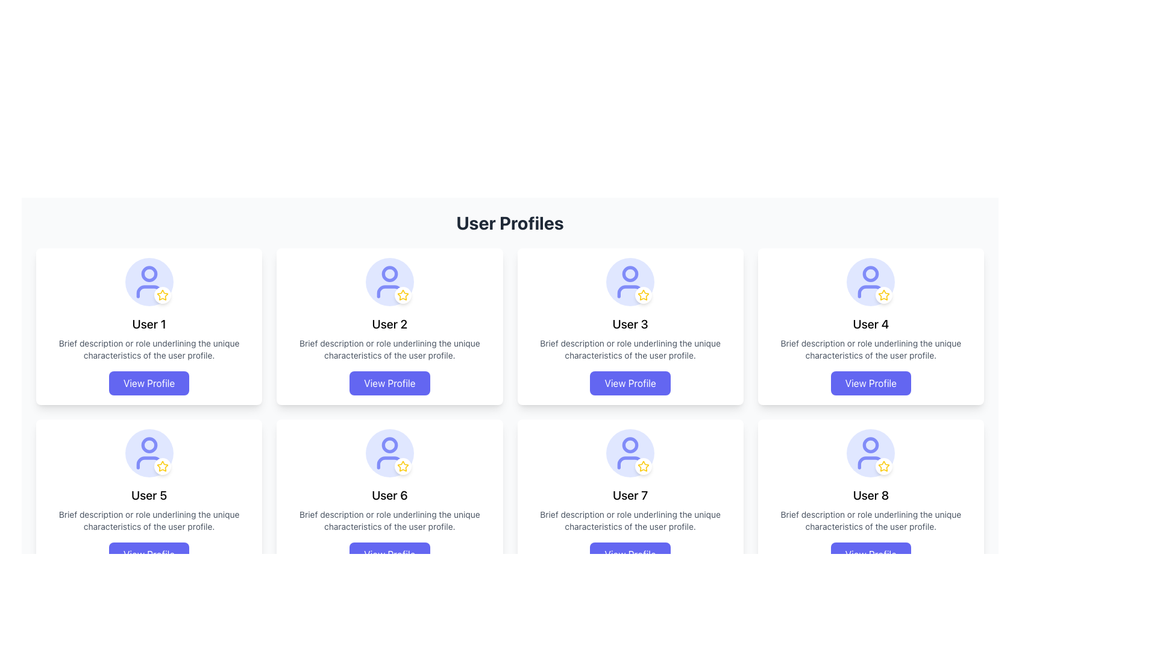 Image resolution: width=1157 pixels, height=651 pixels. Describe the element at coordinates (389, 383) in the screenshot. I see `the button that allows users to view the detailed profile of 'User 2'` at that location.